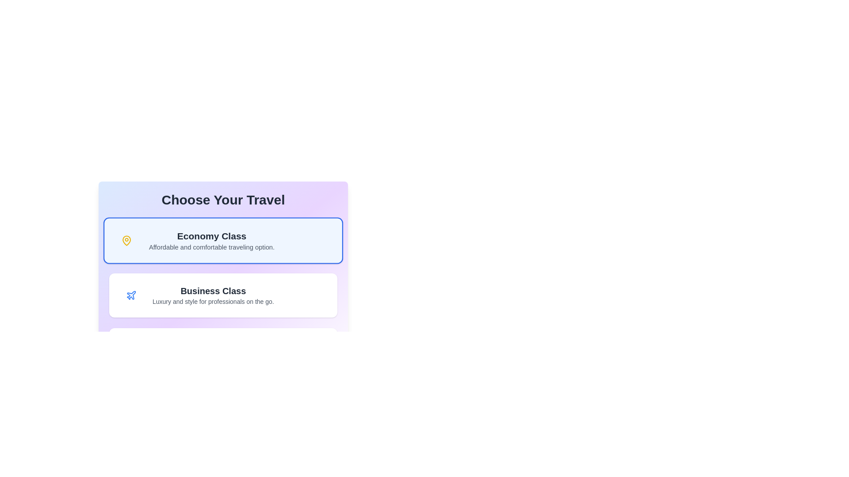  What do you see at coordinates (131, 295) in the screenshot?
I see `the details of the air travel icon representing the 'Business Class' option, located in the top-left corner of the corresponding card` at bounding box center [131, 295].